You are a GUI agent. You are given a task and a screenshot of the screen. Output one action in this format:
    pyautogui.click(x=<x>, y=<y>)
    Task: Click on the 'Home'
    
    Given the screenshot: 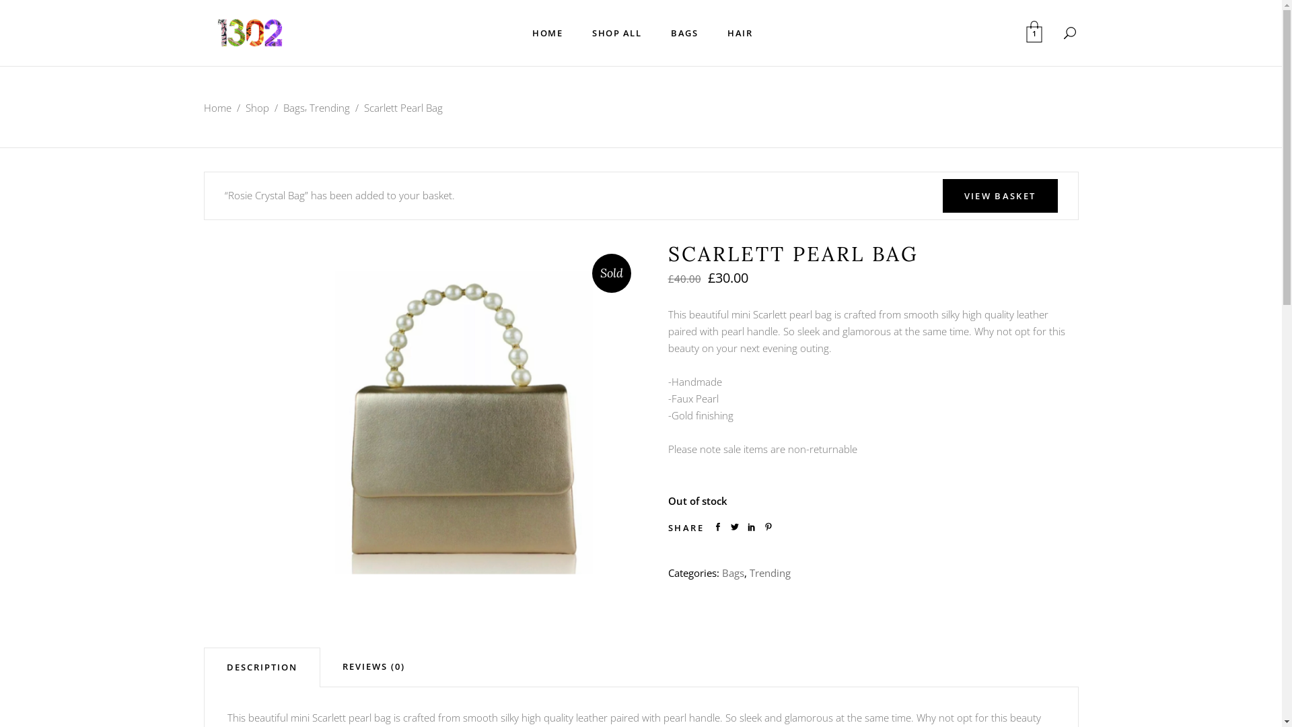 What is the action you would take?
    pyautogui.click(x=203, y=107)
    